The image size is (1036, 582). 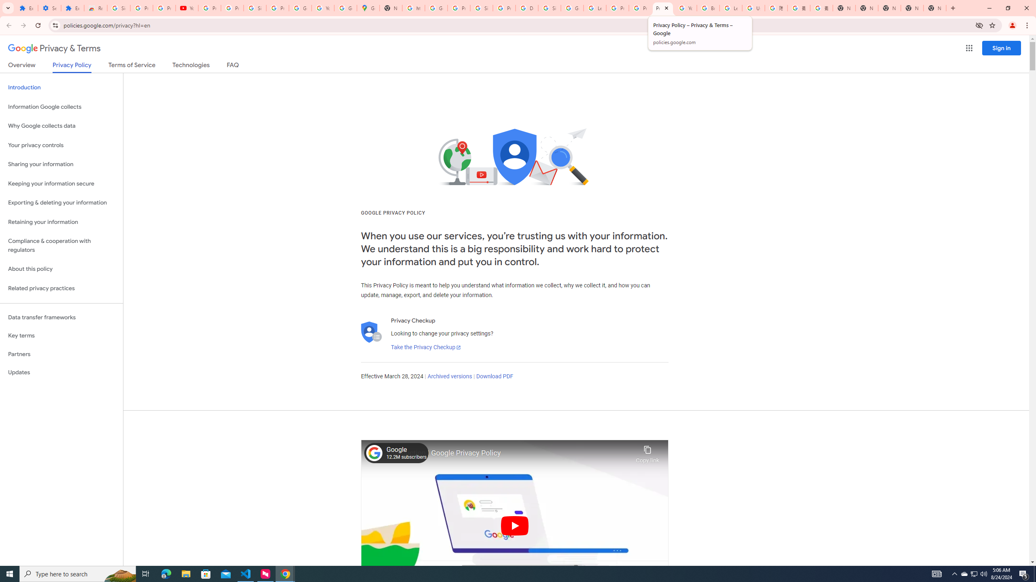 I want to click on 'Reviews: Helix Fruit Jump Arcade Game', so click(x=96, y=8).